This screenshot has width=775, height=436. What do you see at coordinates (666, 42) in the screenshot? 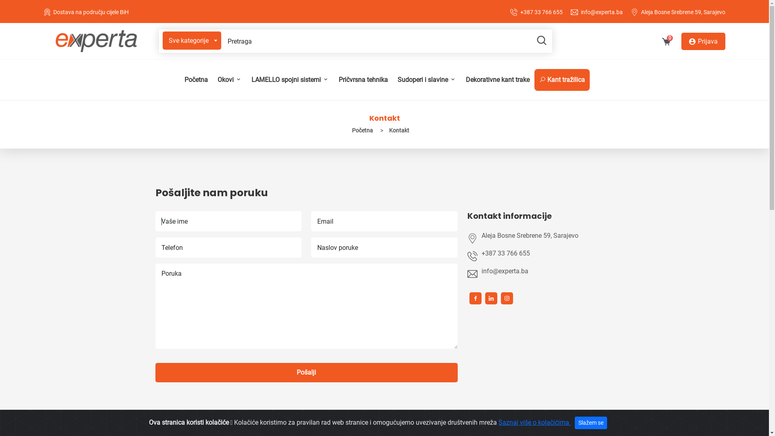
I see `'0'` at bounding box center [666, 42].